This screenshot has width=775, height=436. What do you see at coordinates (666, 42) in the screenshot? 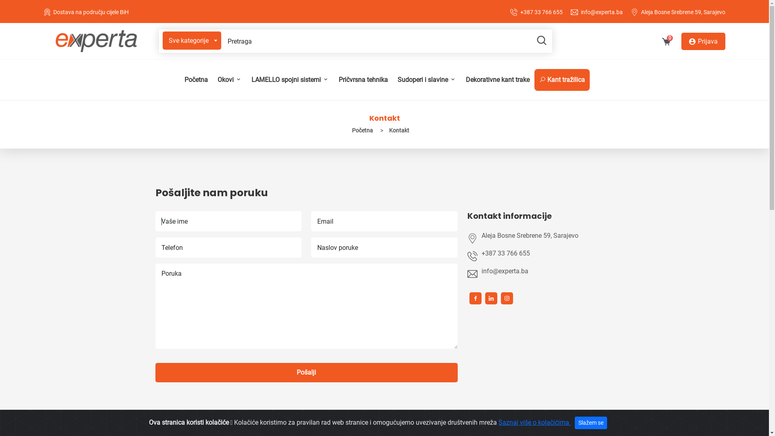
I see `'0'` at bounding box center [666, 42].